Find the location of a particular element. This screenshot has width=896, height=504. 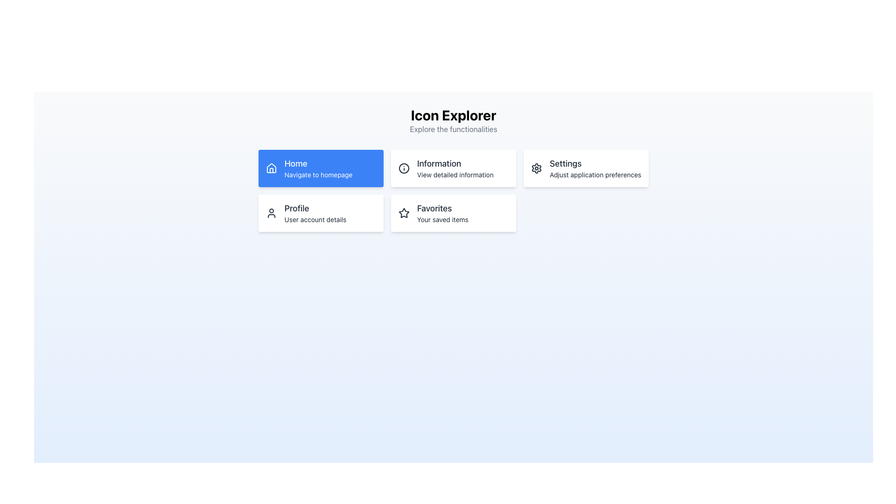

the 'Favorites' text label, which is the title header for an associated UI section, positioned above the text 'Your saved items' in a card layout is located at coordinates (442, 208).